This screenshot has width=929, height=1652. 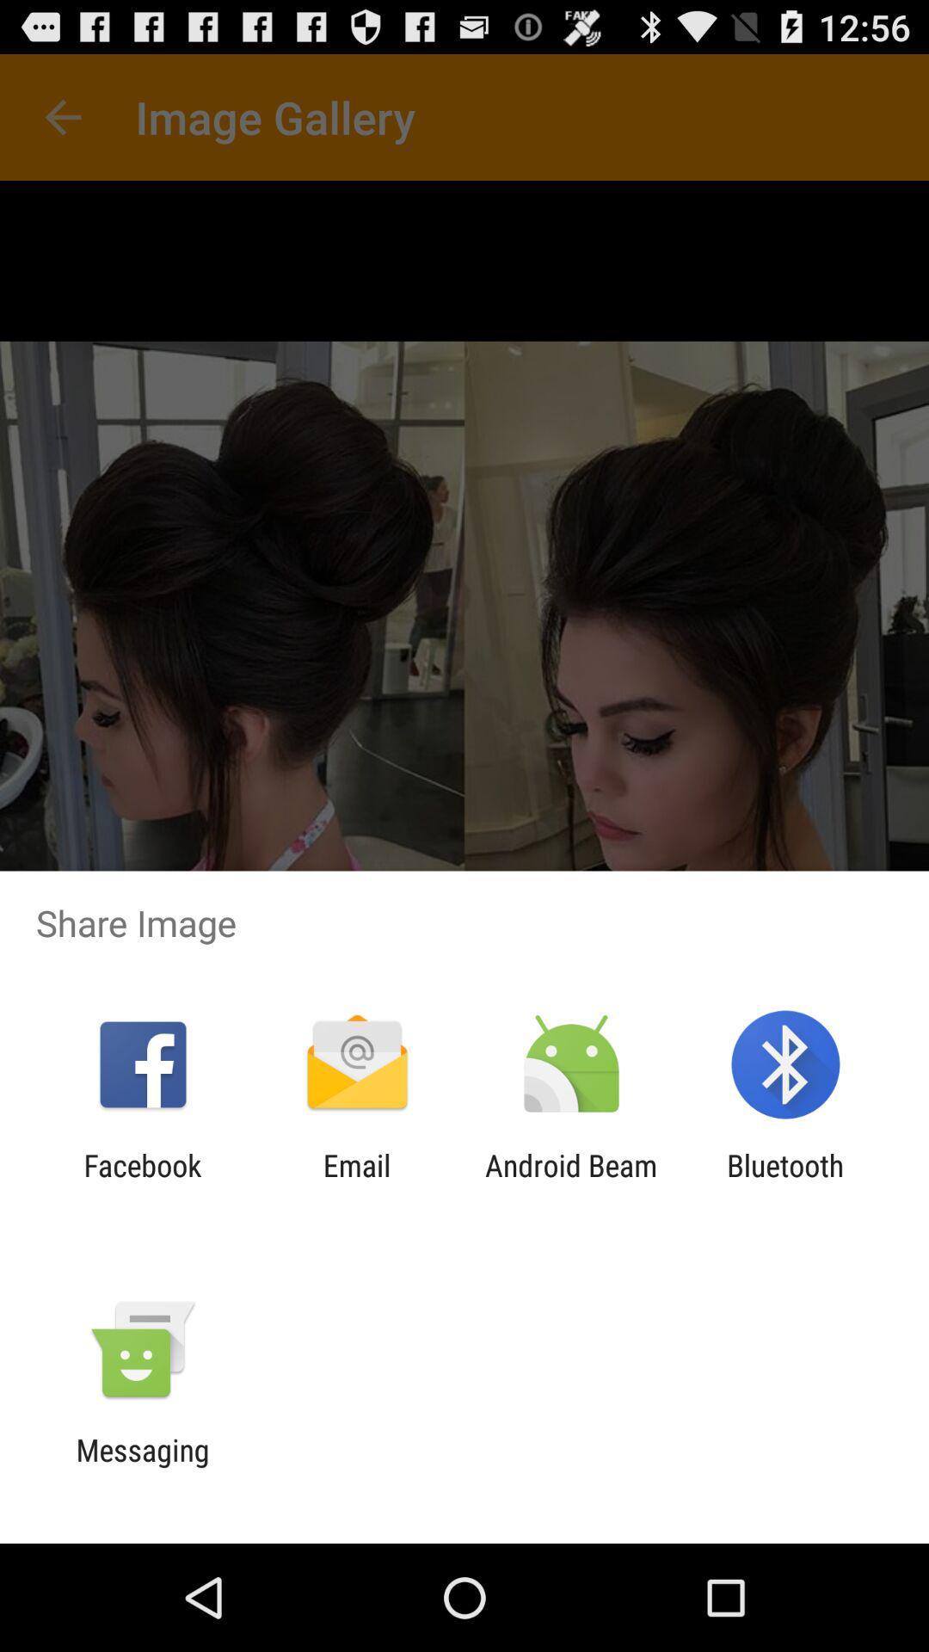 What do you see at coordinates (785, 1182) in the screenshot?
I see `bluetooth item` at bounding box center [785, 1182].